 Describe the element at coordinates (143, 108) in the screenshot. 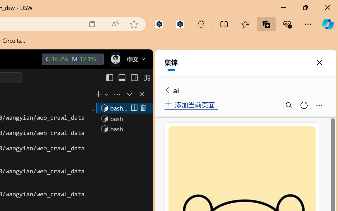

I see `'Kill (Delete)'` at that location.